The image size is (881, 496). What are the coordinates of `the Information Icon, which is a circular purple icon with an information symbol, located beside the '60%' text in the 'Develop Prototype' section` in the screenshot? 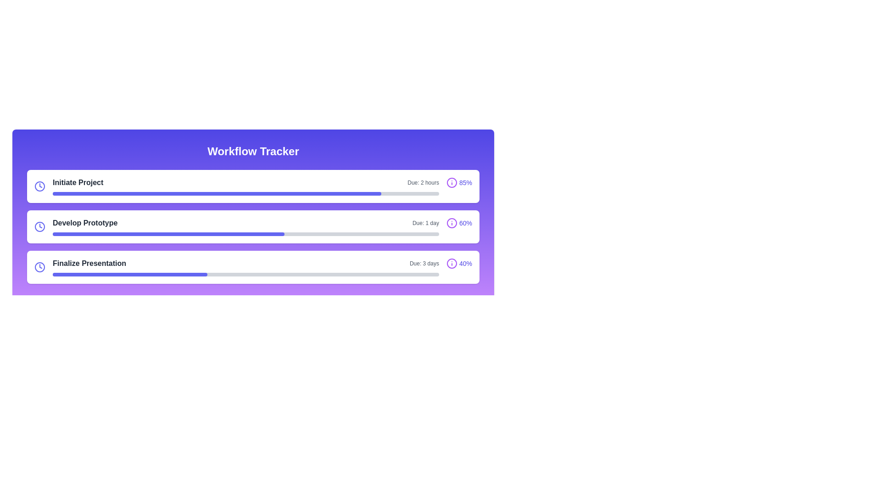 It's located at (452, 223).